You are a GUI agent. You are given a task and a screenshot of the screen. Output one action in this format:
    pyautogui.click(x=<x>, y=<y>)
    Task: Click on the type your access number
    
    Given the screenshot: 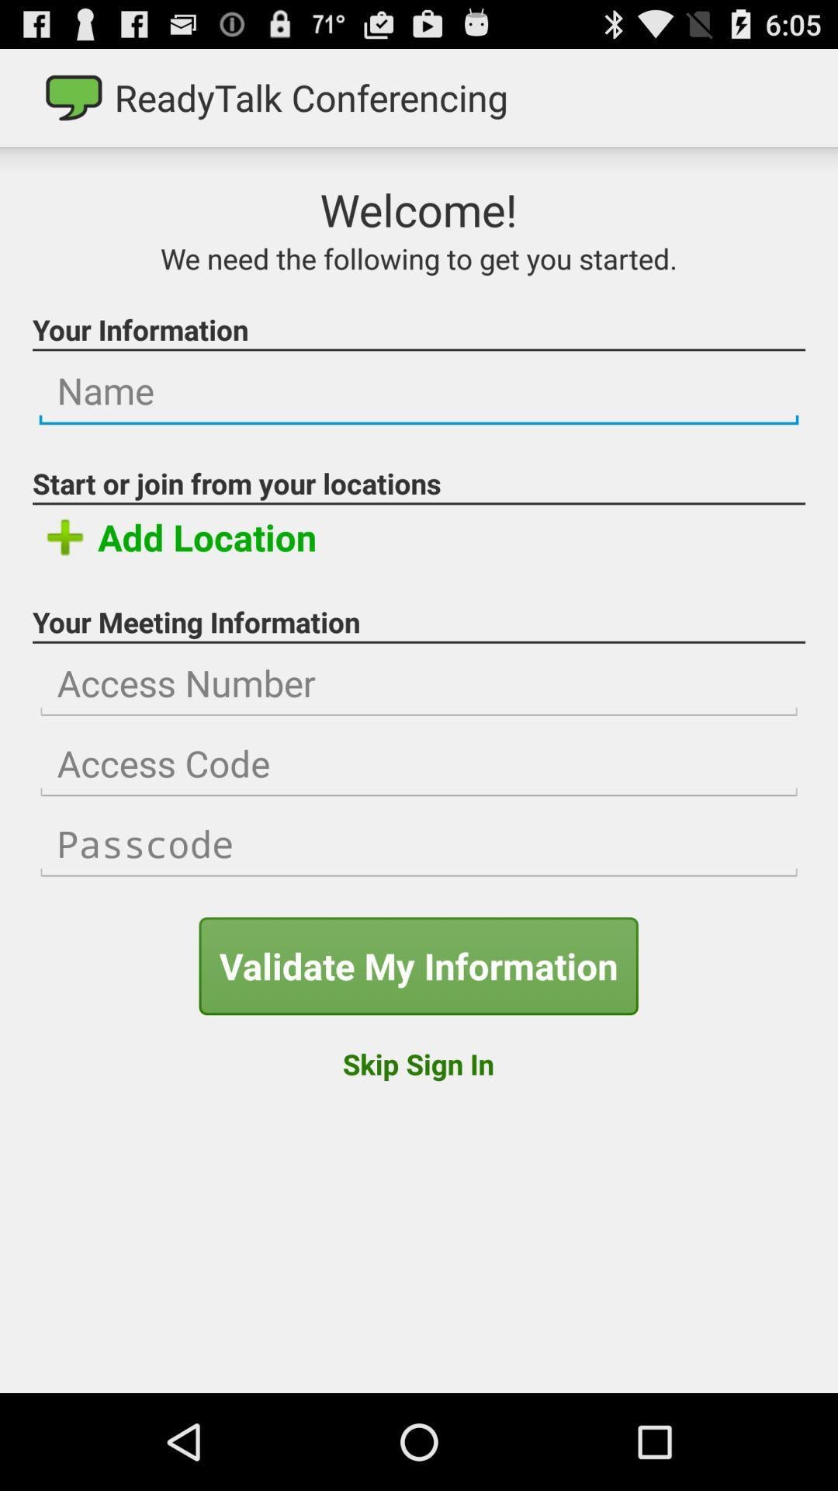 What is the action you would take?
    pyautogui.click(x=419, y=683)
    